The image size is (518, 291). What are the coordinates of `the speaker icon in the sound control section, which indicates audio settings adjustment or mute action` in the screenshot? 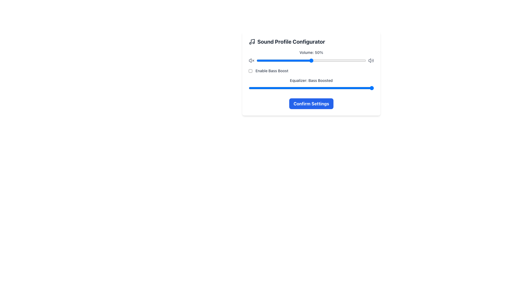 It's located at (250, 60).